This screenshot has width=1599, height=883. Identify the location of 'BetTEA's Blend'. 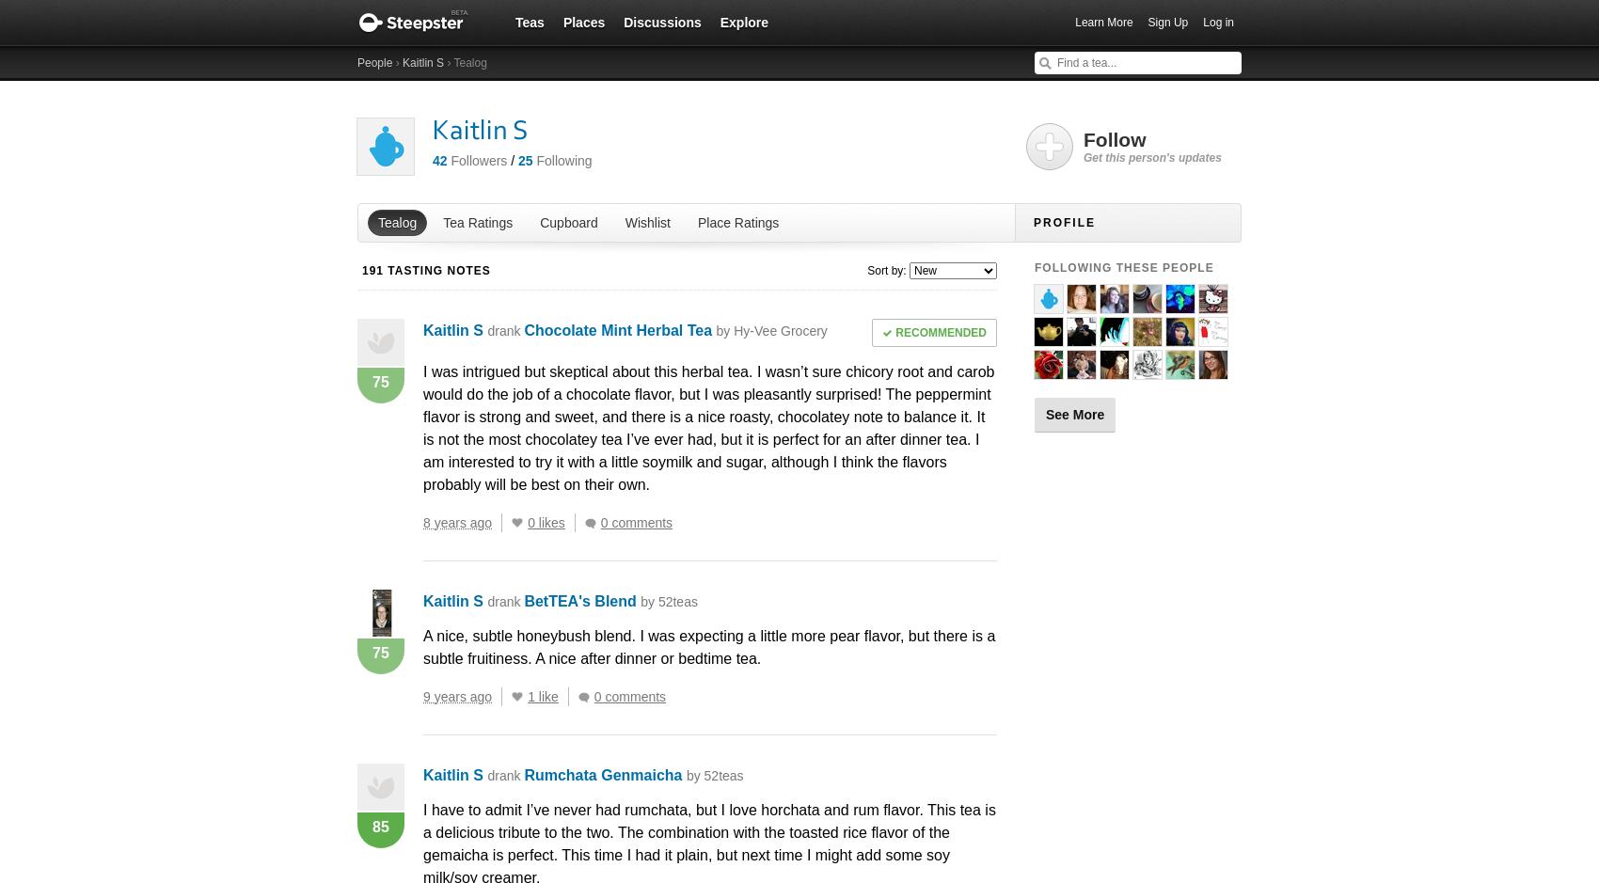
(580, 600).